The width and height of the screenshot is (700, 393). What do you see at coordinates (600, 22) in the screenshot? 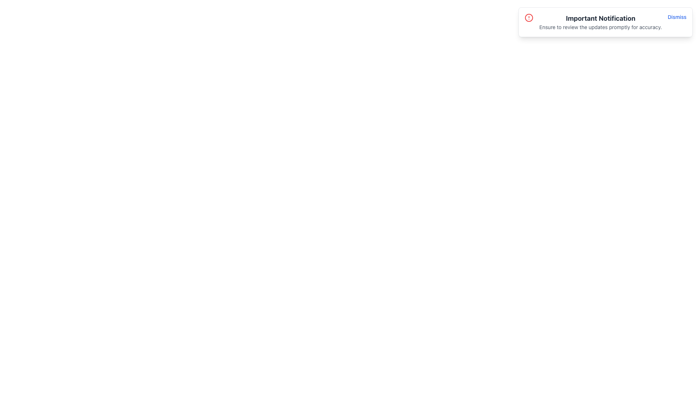
I see `the Informational Text Component that delivers critical messages to the user, positioned between an importance icon and a 'Dismiss' button` at bounding box center [600, 22].